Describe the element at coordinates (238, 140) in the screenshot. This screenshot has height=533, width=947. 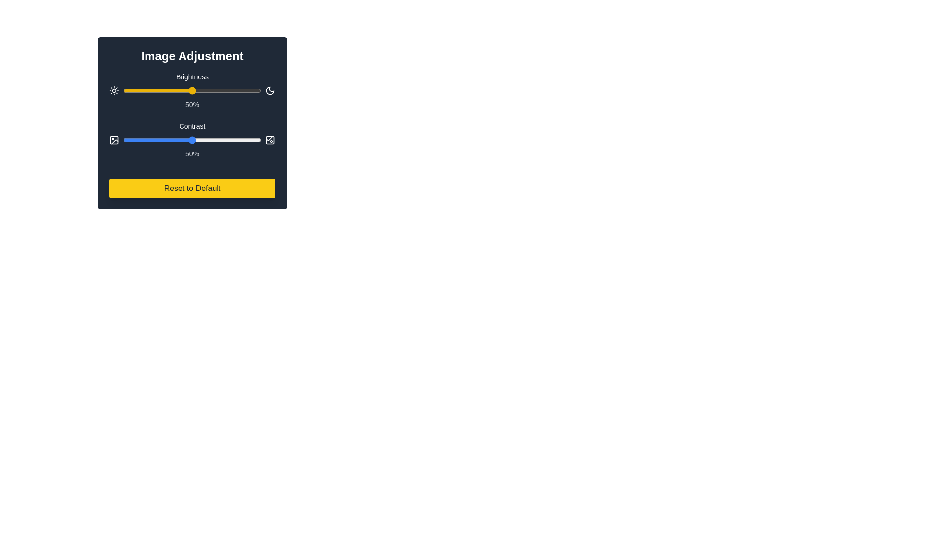
I see `contrast` at that location.